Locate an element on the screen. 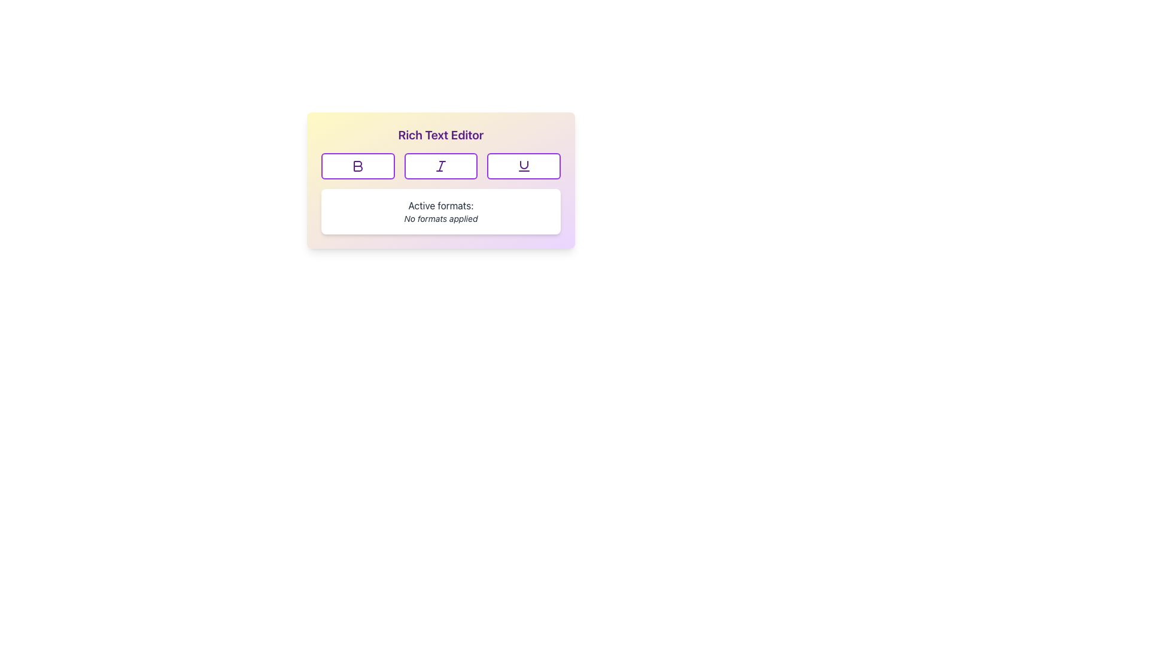  the text label at the top of the rich text editor interface, which indicates the purpose of the component below it is located at coordinates (440, 135).